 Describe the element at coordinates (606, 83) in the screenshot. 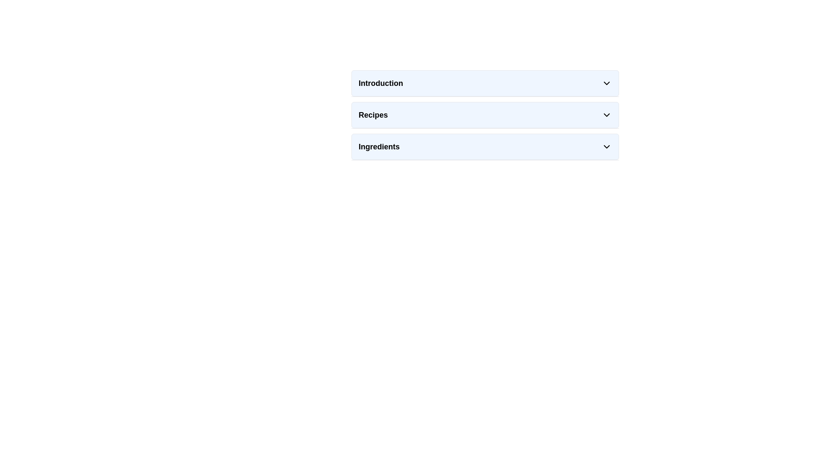

I see `the downward-pointing chevron icon (Dropdown indicator) on the right side of the 'Introduction' button` at that location.